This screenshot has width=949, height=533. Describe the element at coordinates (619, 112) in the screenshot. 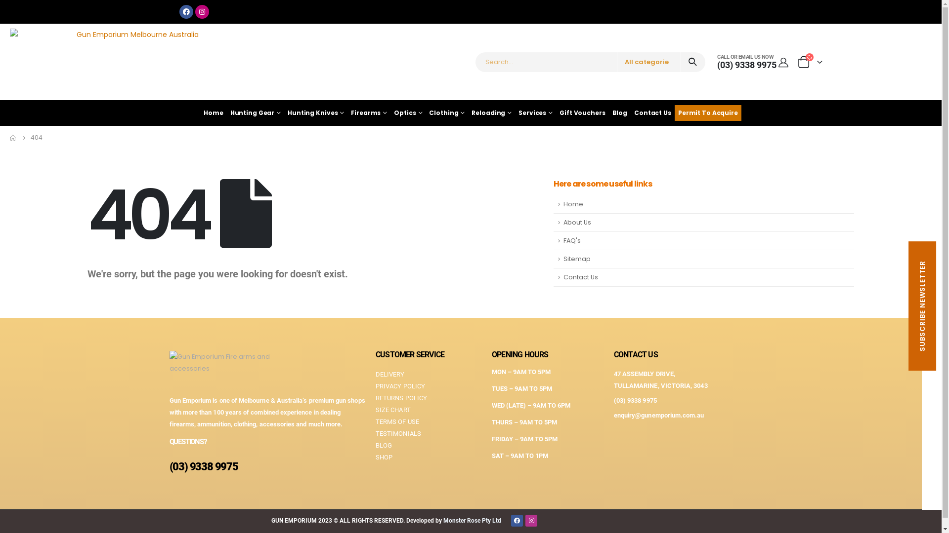

I see `'Blog'` at that location.